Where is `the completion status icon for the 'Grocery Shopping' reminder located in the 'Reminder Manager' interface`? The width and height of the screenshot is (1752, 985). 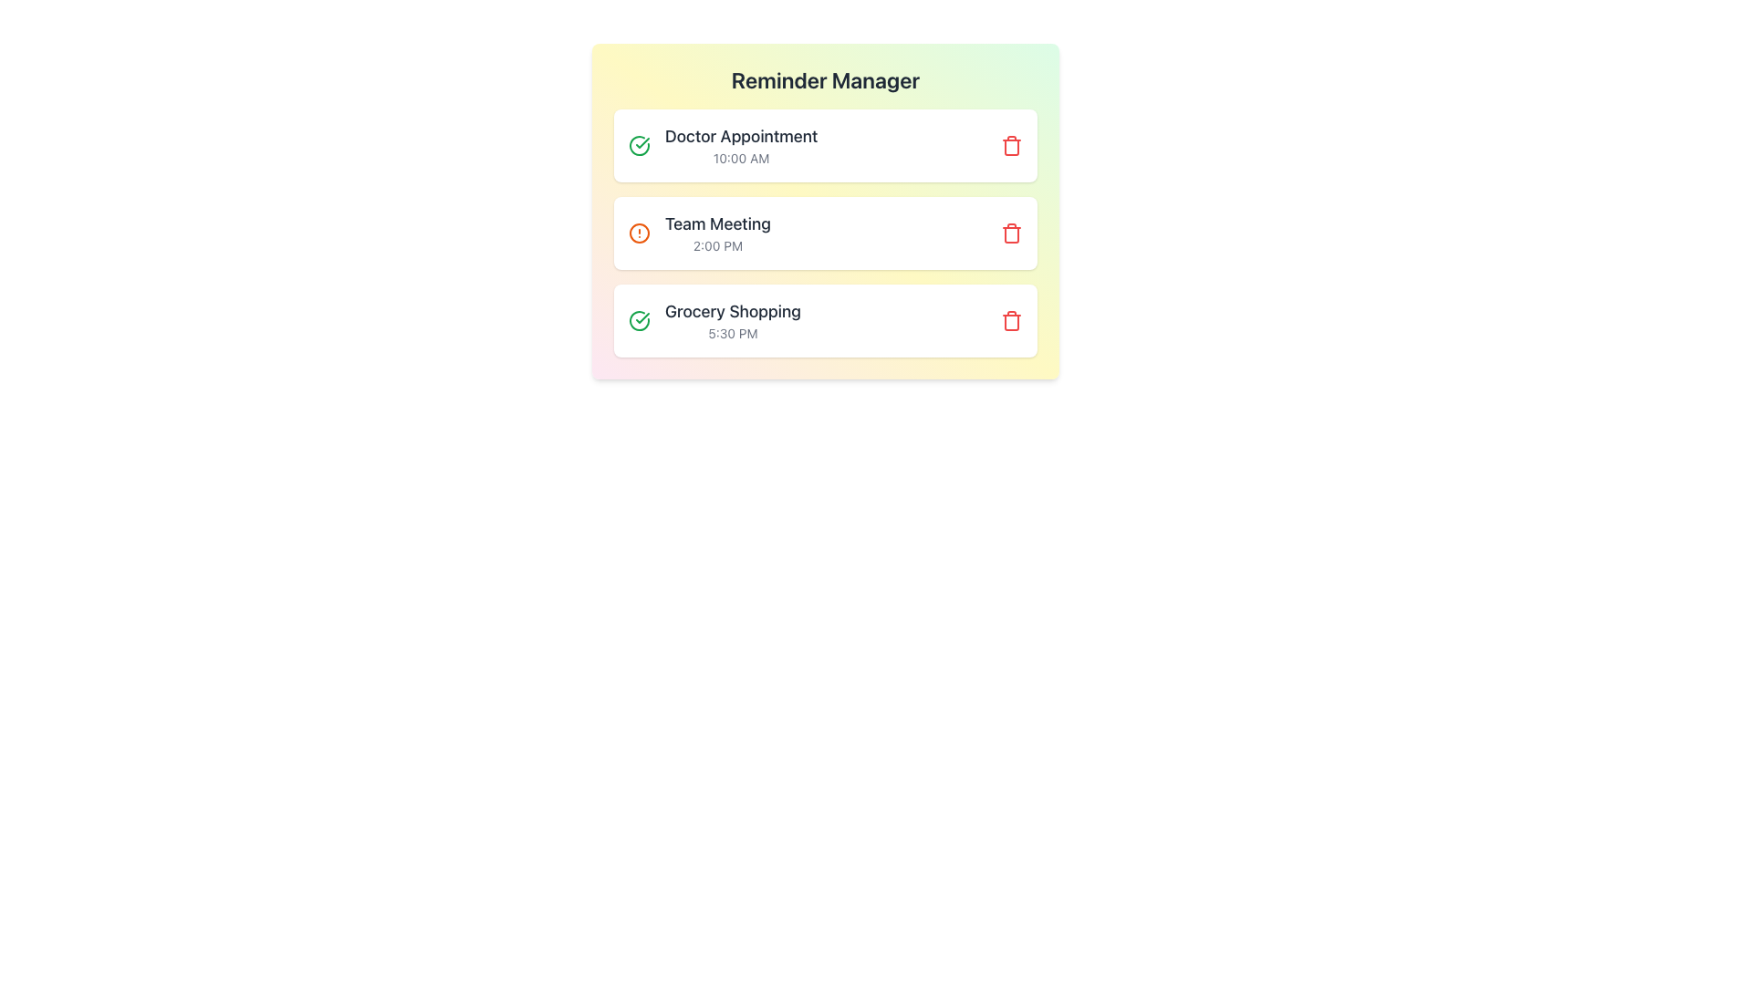
the completion status icon for the 'Grocery Shopping' reminder located in the 'Reminder Manager' interface is located at coordinates (642, 142).